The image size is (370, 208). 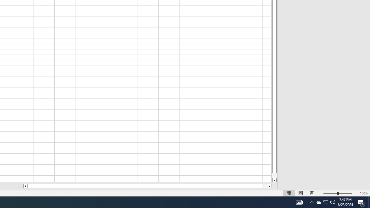 I want to click on 'Column left', so click(x=25, y=186).